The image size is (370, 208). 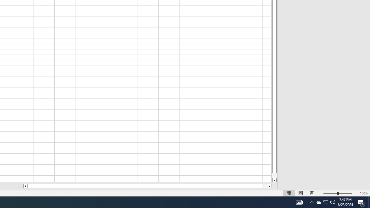 I want to click on 'Column left', so click(x=25, y=186).